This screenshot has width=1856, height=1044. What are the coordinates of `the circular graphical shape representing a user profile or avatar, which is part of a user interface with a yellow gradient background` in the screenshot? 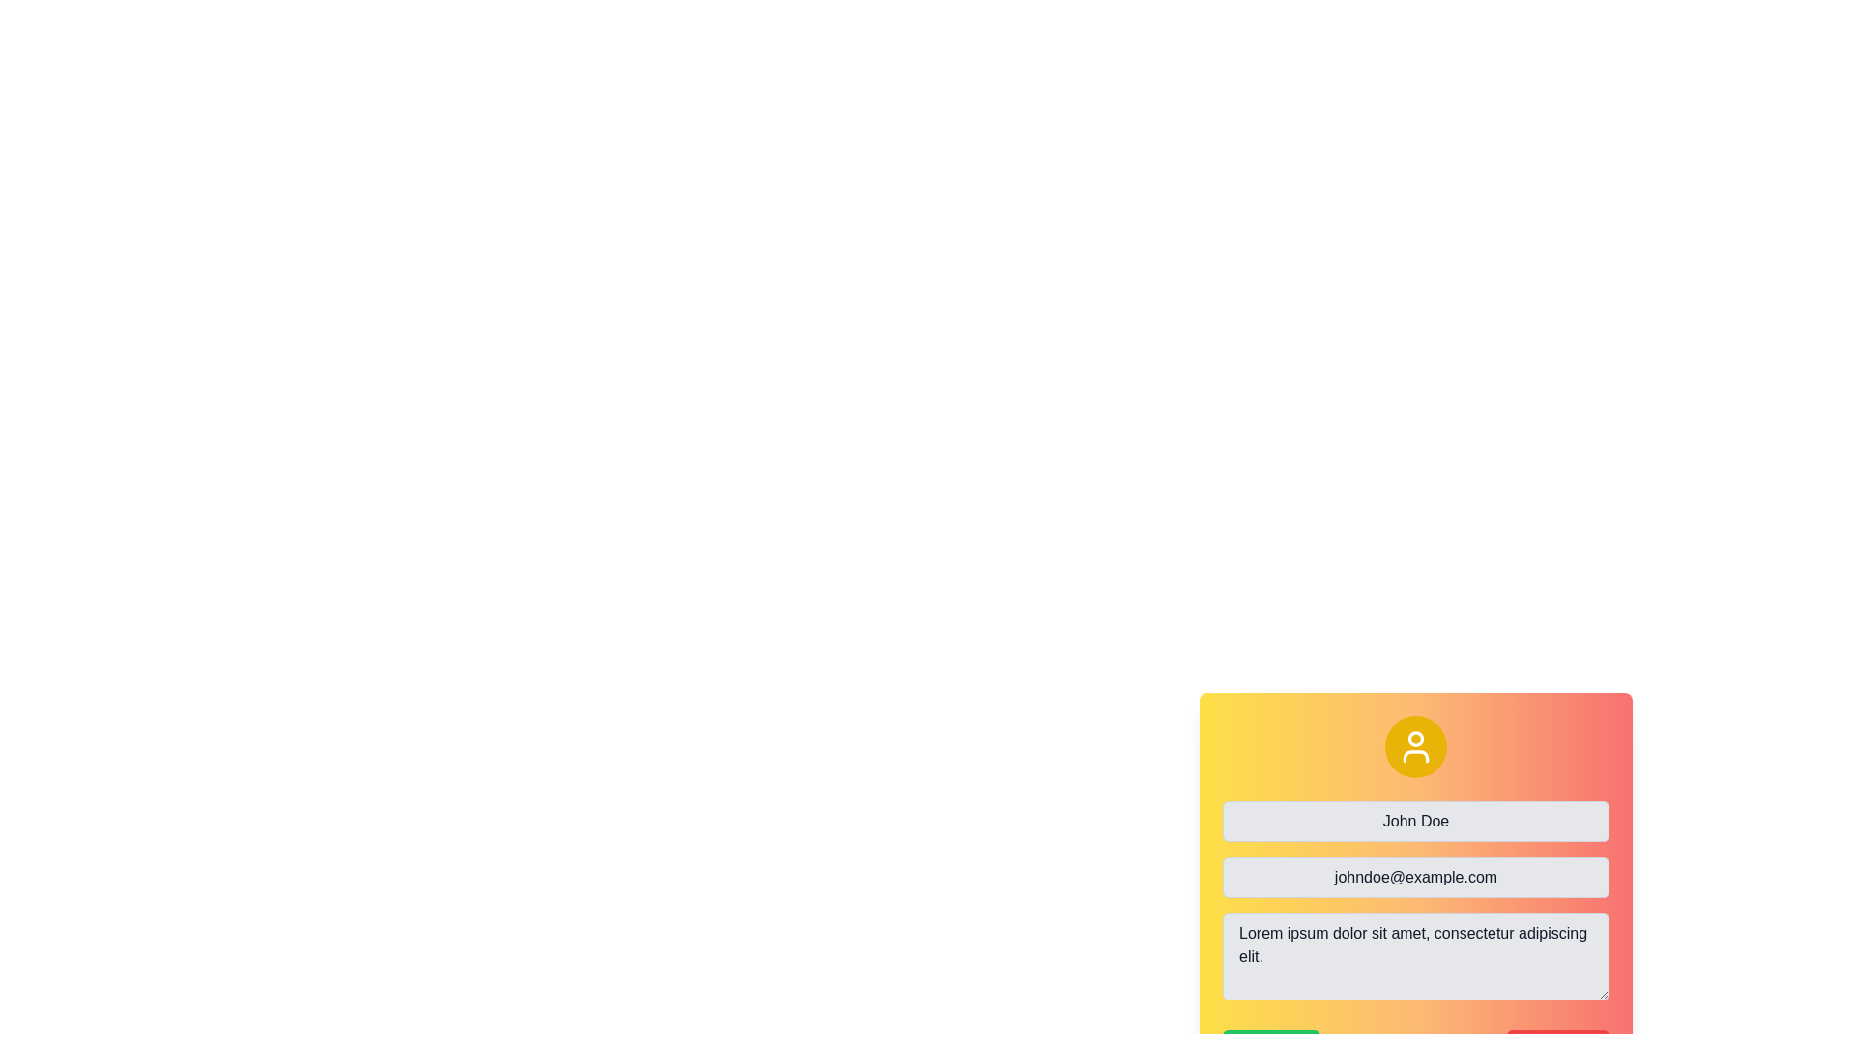 It's located at (1415, 738).